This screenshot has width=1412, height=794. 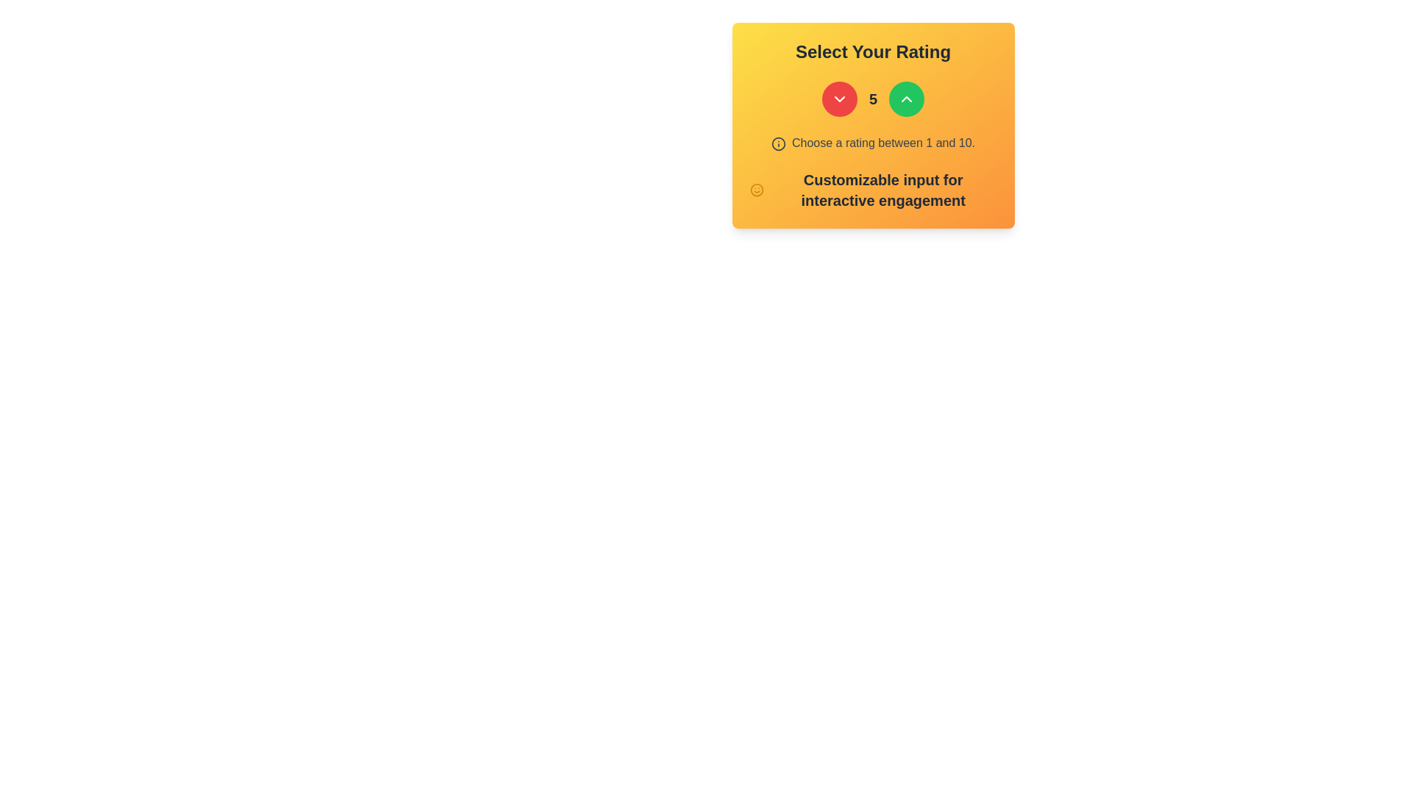 I want to click on the text label displaying 'Customizable input for interactive engagement', which is centrally aligned within a colorful card interface beneath the rating prompt, so click(x=873, y=189).